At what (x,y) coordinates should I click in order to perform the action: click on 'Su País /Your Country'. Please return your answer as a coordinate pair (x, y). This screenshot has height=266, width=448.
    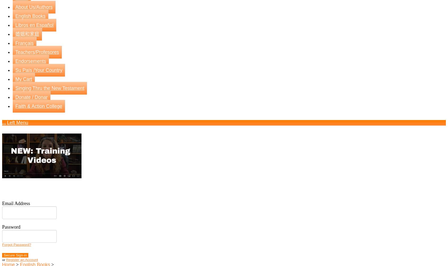
    Looking at the image, I should click on (38, 70).